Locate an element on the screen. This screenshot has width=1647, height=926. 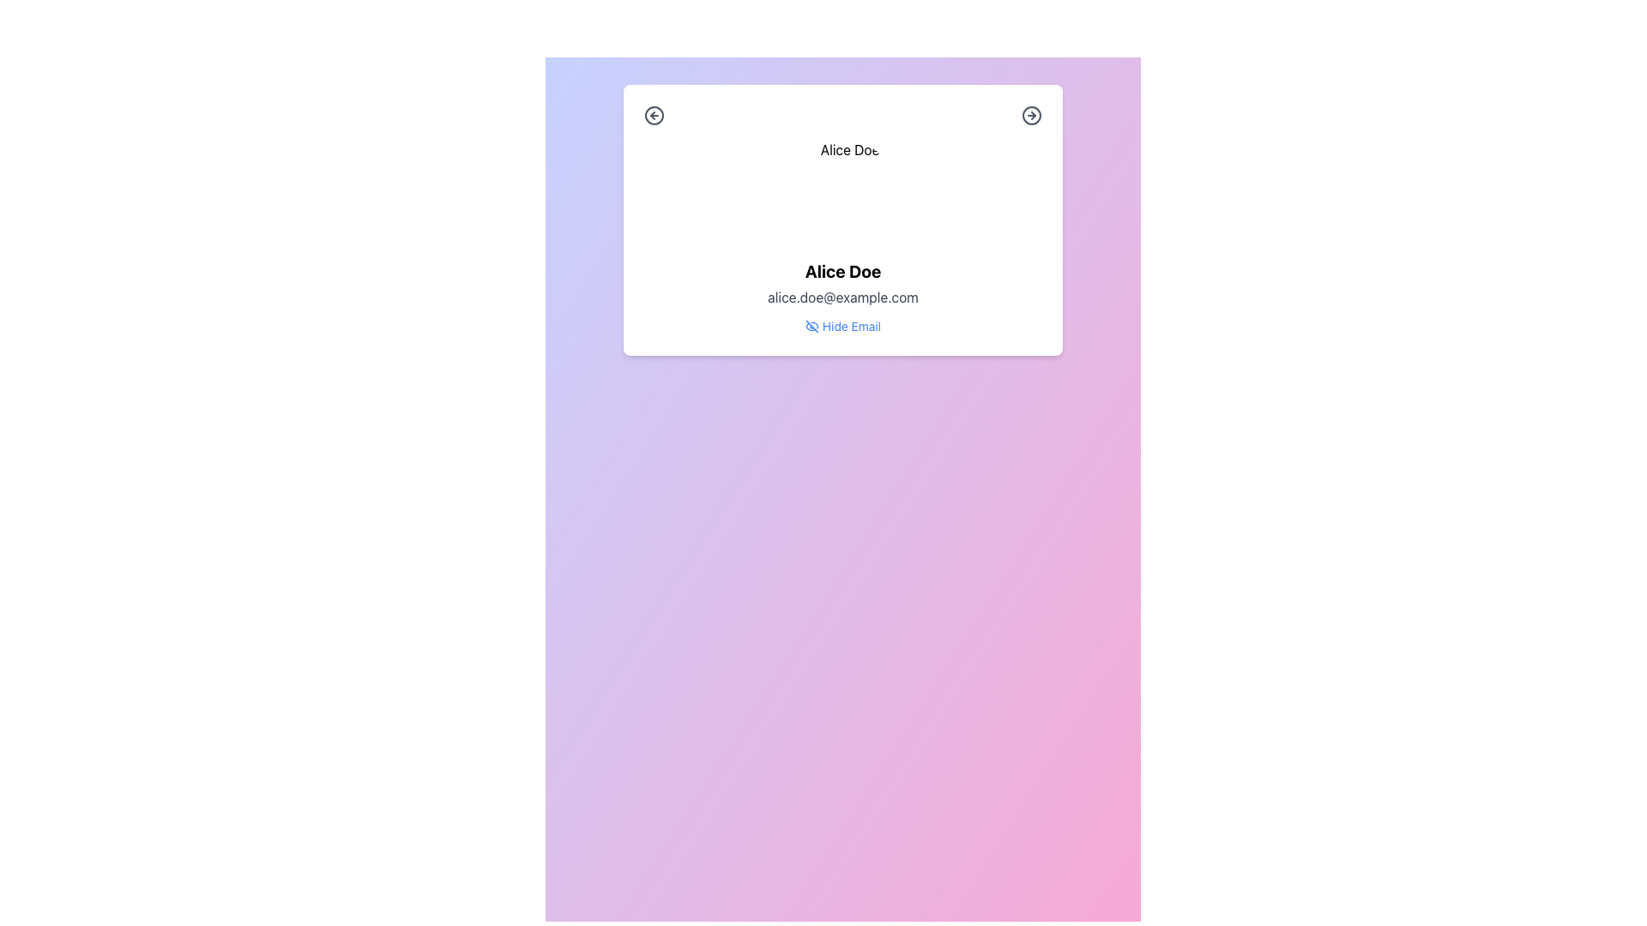
the 'Hide Email' button using keyboard navigation is located at coordinates (843, 327).